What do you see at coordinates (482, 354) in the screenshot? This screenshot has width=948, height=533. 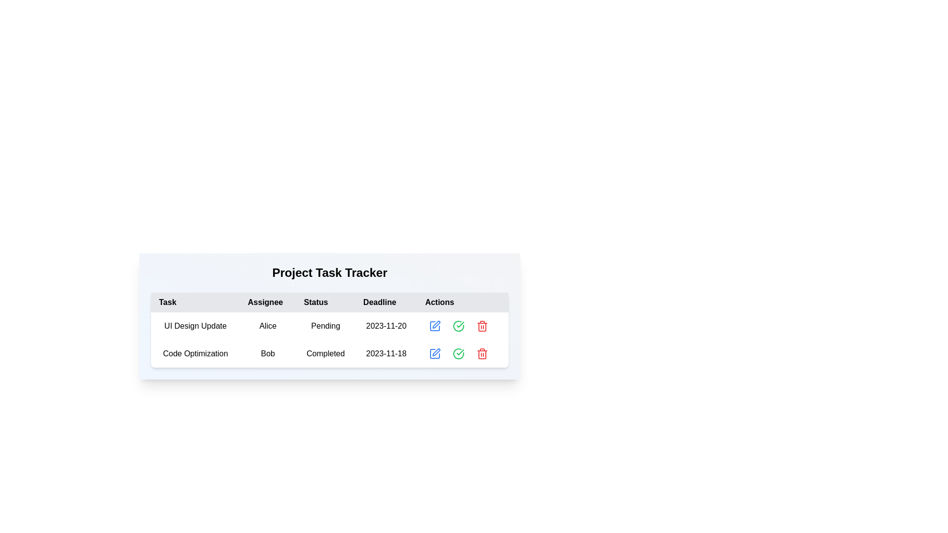 I see `the vertical rectangle forming the main body of the trash icon located in the 'Actions' column of the second row in the table` at bounding box center [482, 354].